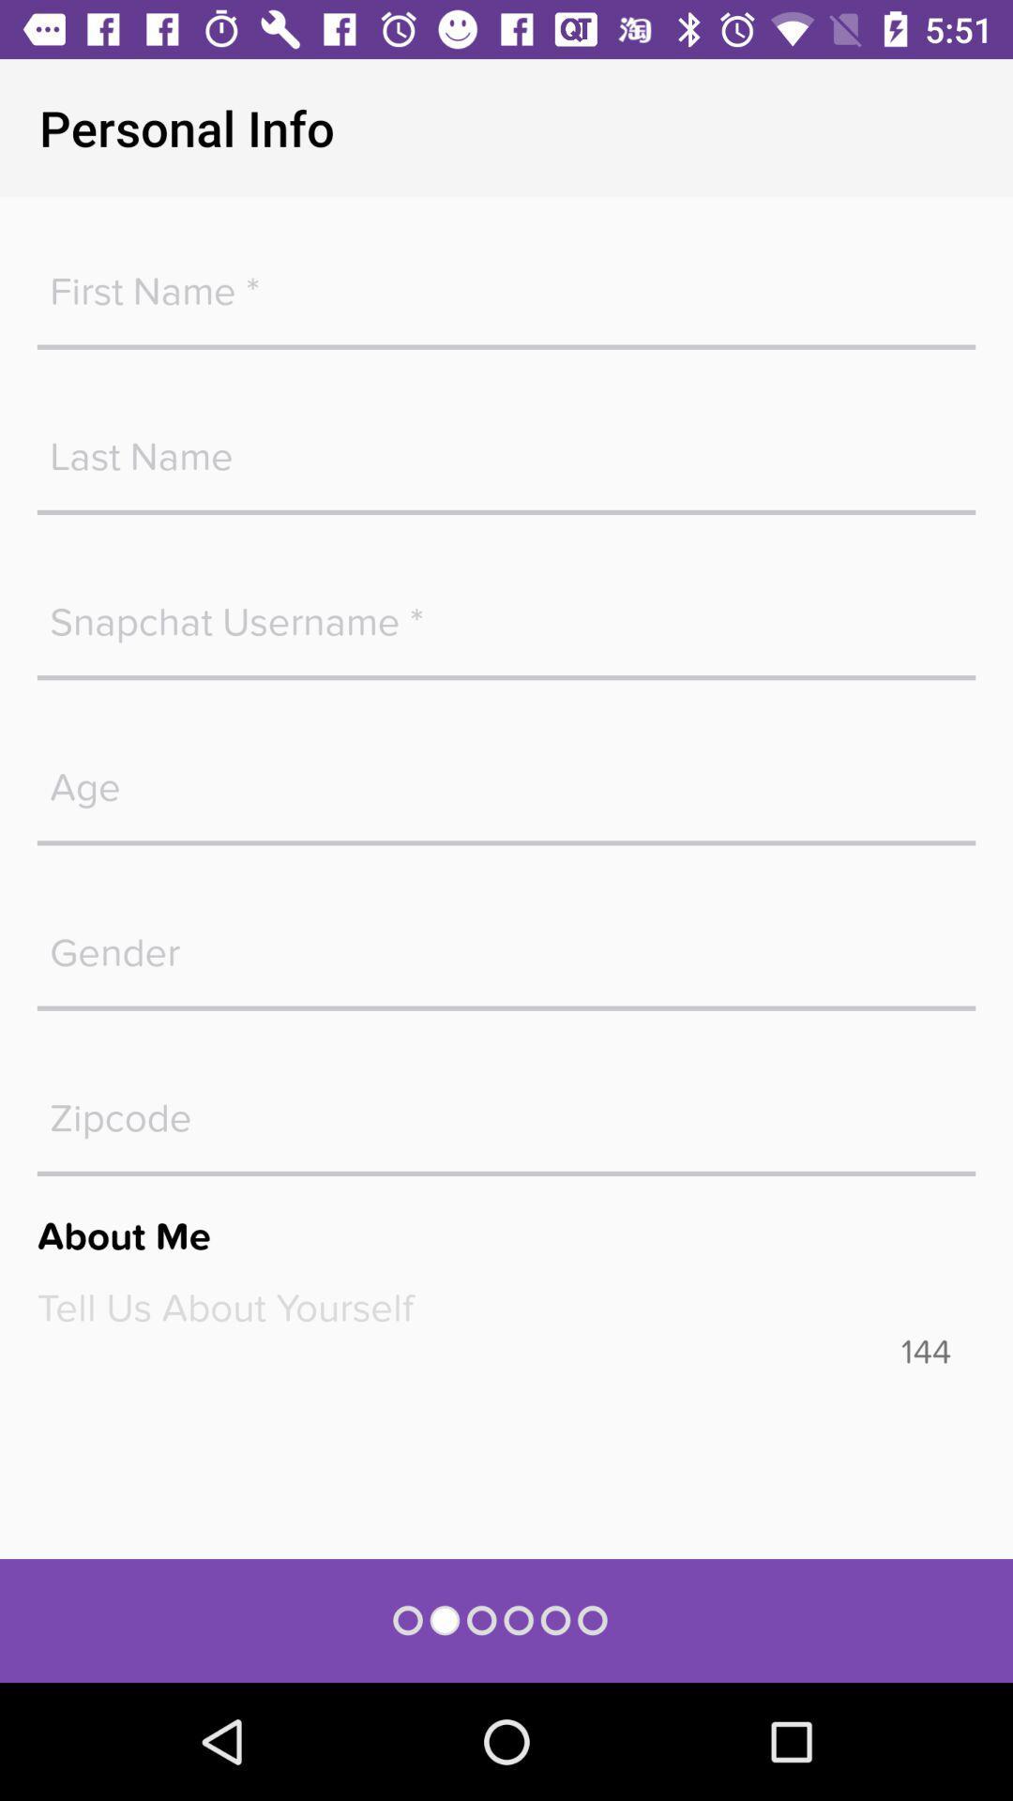 This screenshot has width=1013, height=1801. What do you see at coordinates (506, 1108) in the screenshot?
I see `zipcode field` at bounding box center [506, 1108].